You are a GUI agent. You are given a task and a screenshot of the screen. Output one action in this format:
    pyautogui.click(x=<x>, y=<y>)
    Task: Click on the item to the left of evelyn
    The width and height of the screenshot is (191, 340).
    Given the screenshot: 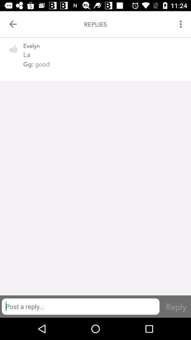 What is the action you would take?
    pyautogui.click(x=13, y=52)
    